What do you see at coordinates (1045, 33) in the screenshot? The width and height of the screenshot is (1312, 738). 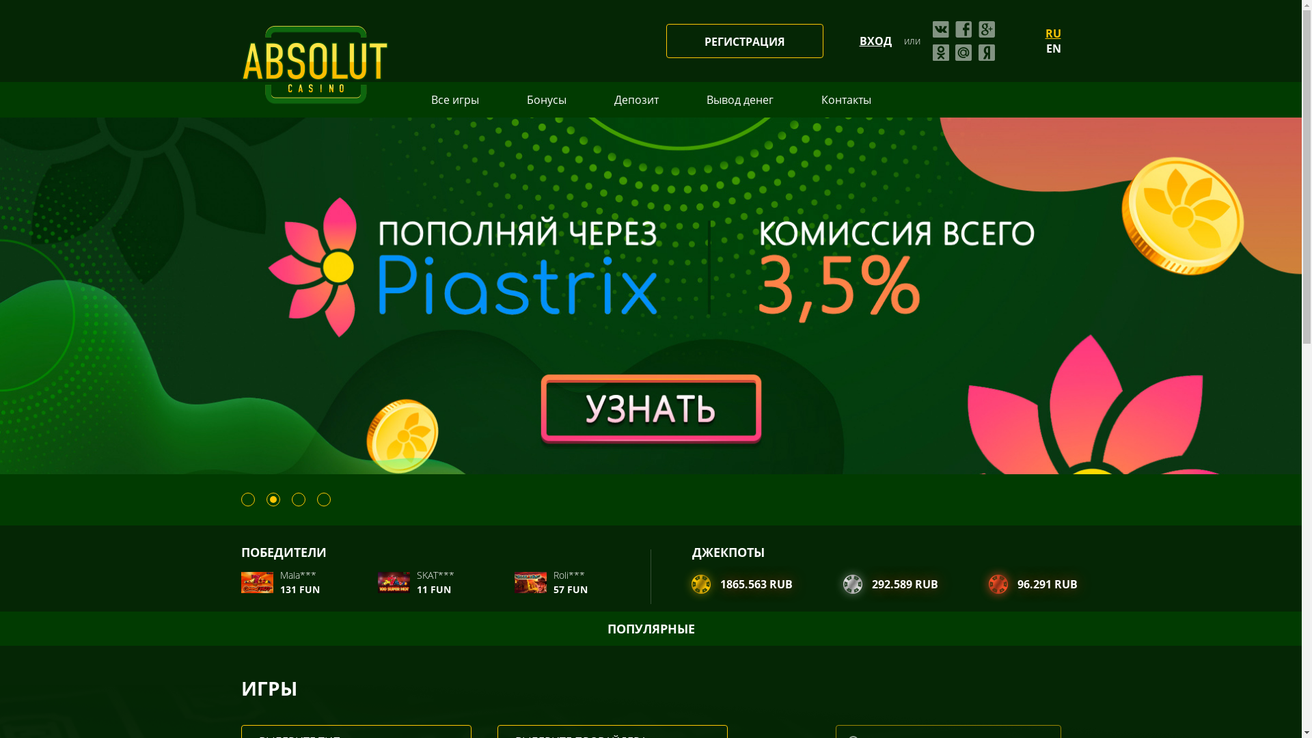 I see `'RU'` at bounding box center [1045, 33].